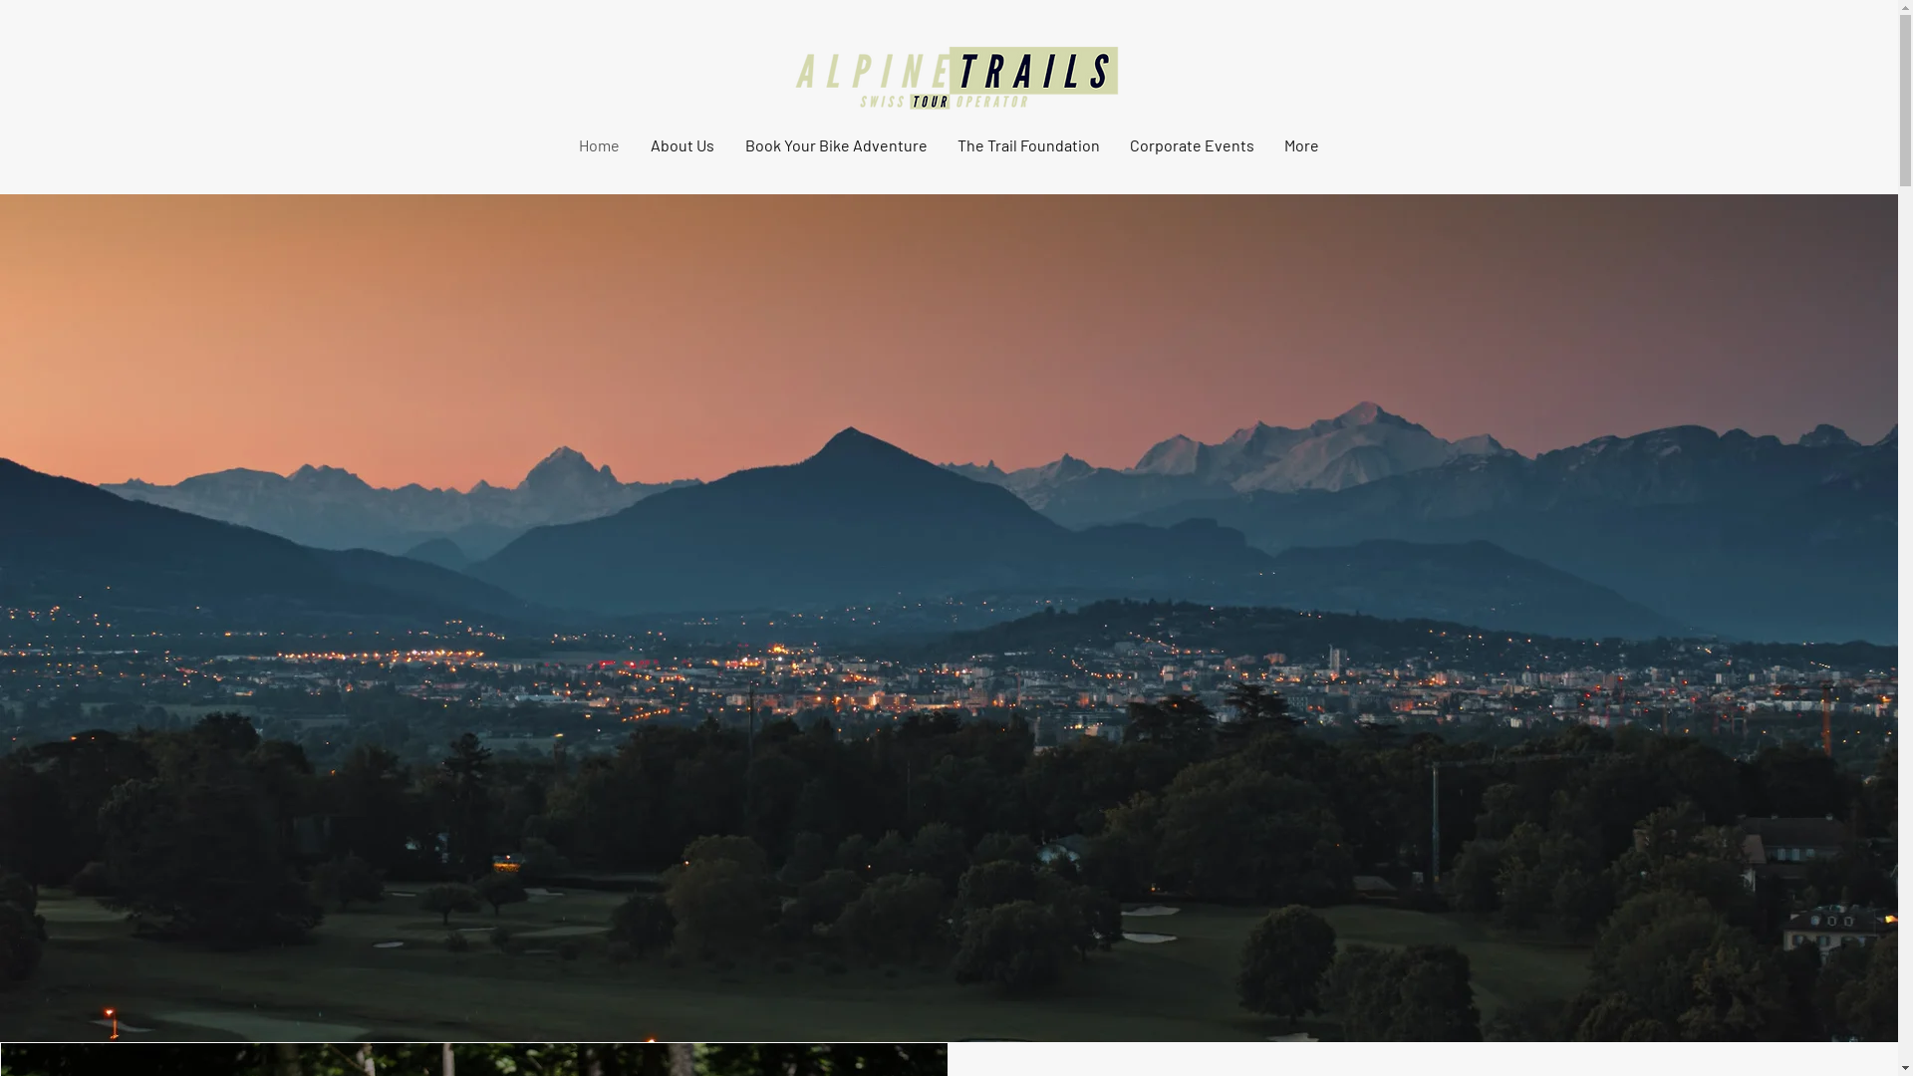 The image size is (1913, 1076). Describe the element at coordinates (683, 144) in the screenshot. I see `'About Us'` at that location.